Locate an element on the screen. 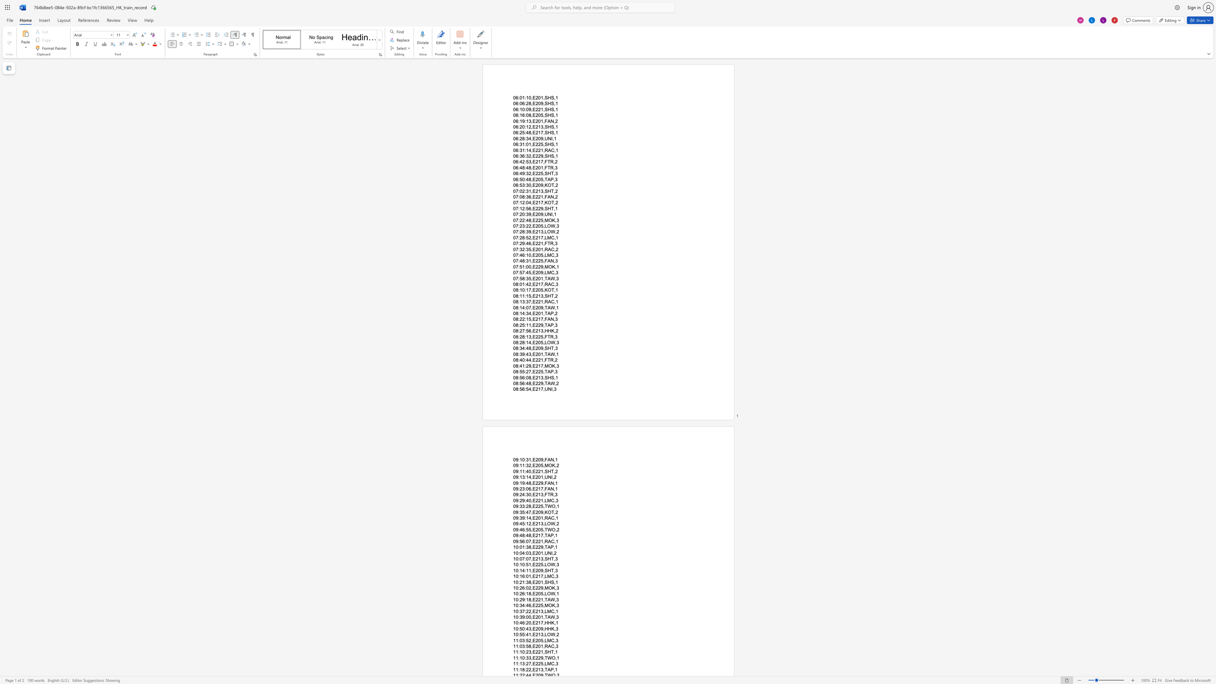  the subset text ",FA" within the text "07:48:31,E225,FAN,3" is located at coordinates (542, 260).